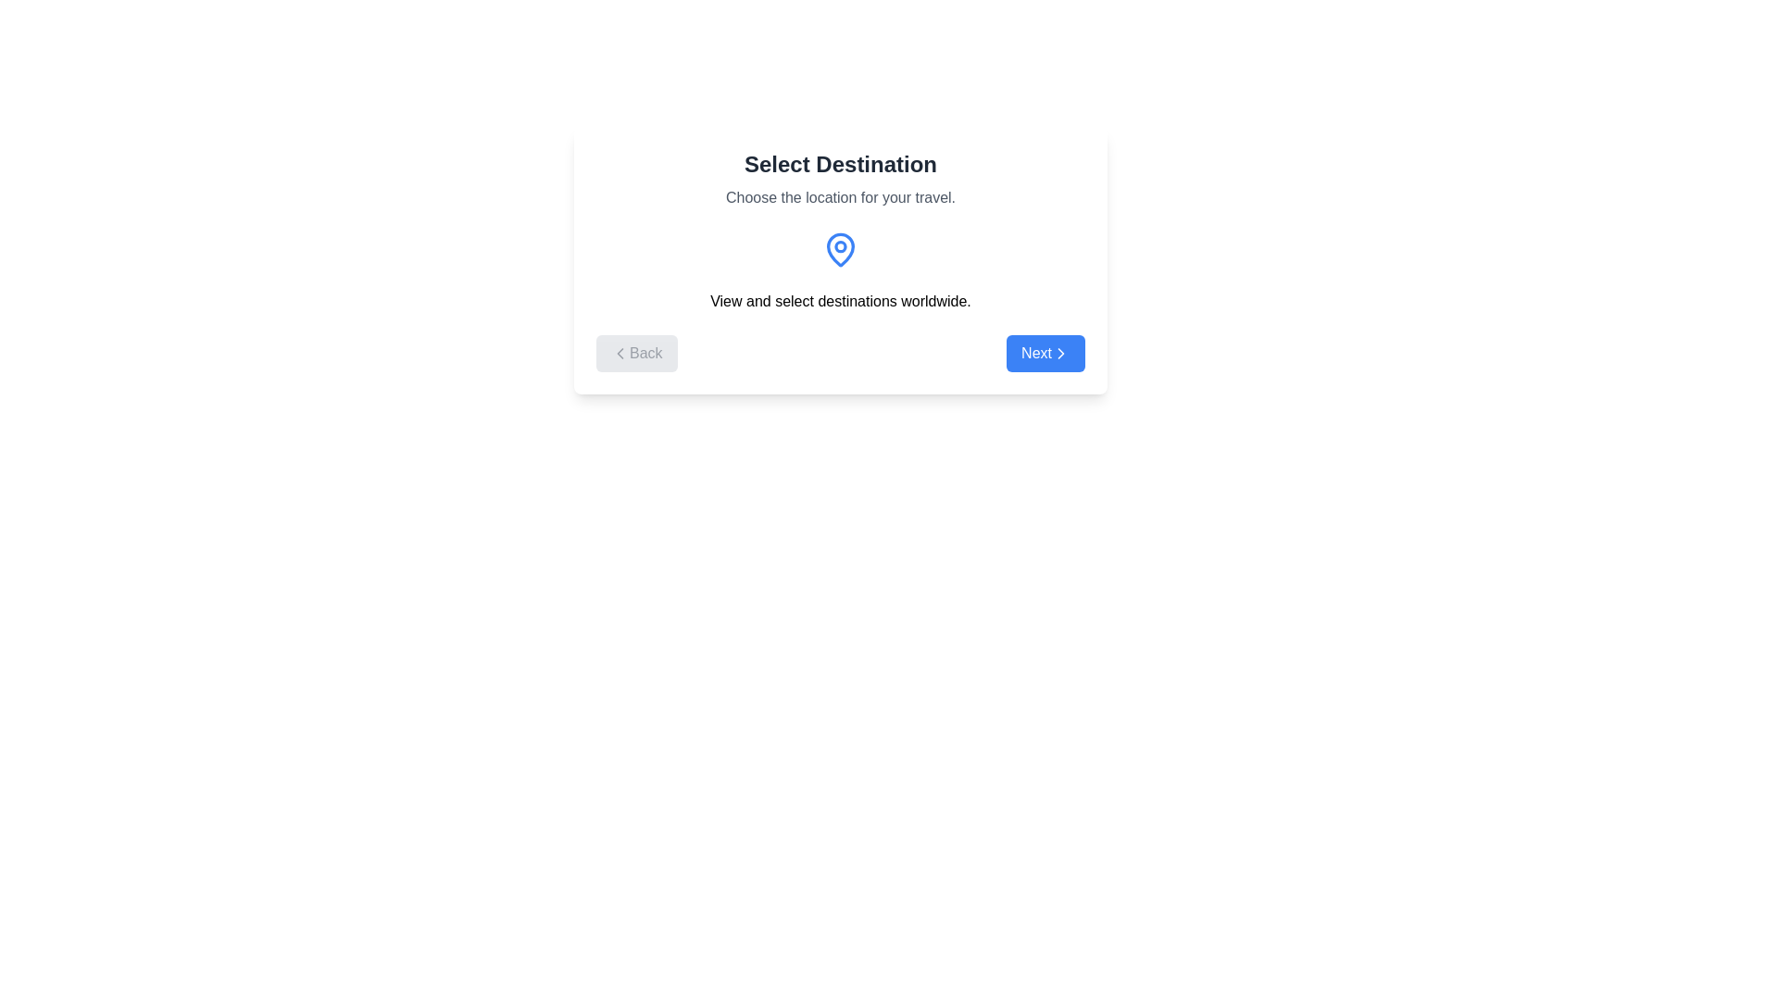  Describe the element at coordinates (839, 301) in the screenshot. I see `the text element that reads 'View and select destinations worldwide.' which is displayed in a sans-serif font and is centered below a map pin icon` at that location.